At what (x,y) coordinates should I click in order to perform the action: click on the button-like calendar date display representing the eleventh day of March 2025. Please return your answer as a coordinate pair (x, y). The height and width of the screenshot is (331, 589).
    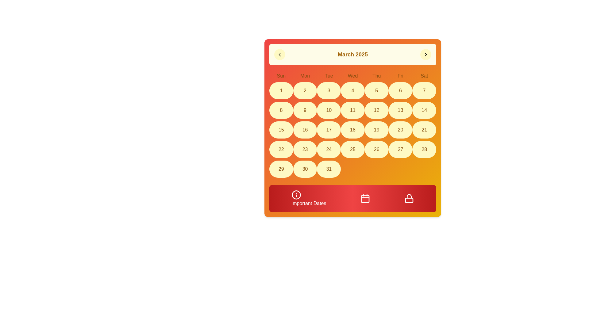
    Looking at the image, I should click on (353, 110).